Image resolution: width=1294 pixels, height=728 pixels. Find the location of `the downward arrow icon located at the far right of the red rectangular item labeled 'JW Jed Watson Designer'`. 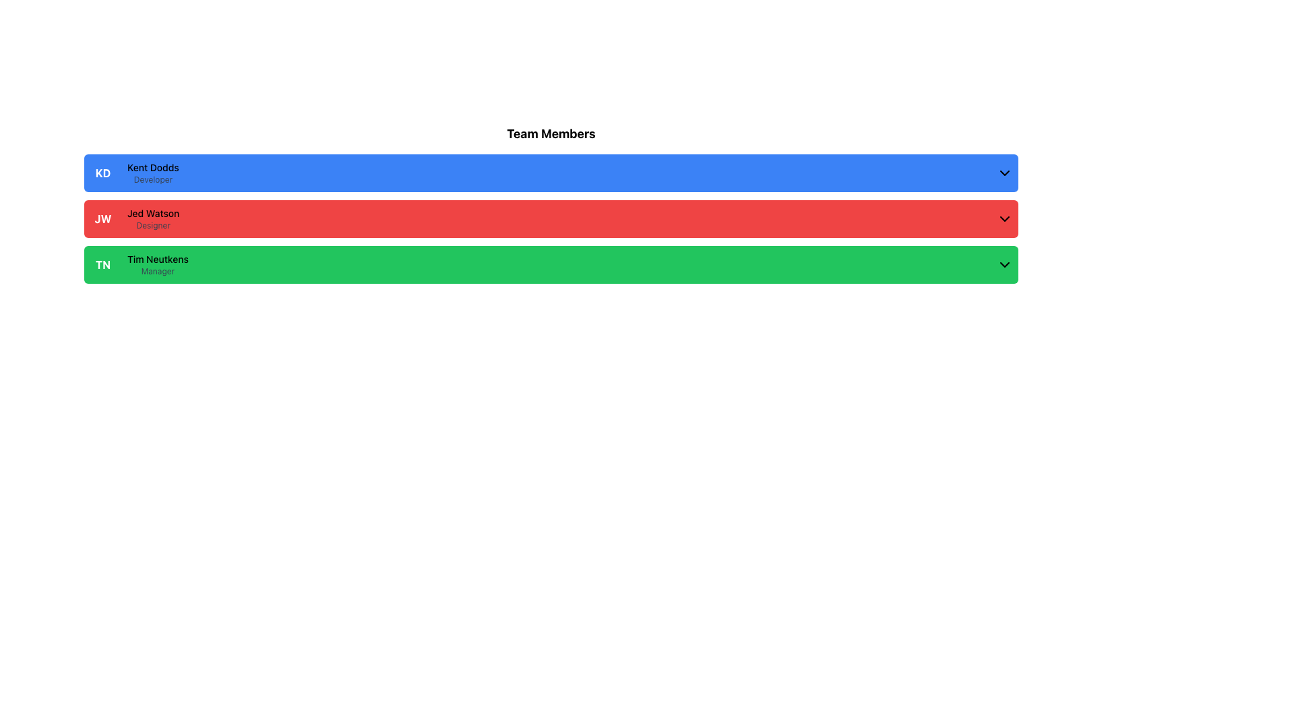

the downward arrow icon located at the far right of the red rectangular item labeled 'JW Jed Watson Designer' is located at coordinates (1005, 218).